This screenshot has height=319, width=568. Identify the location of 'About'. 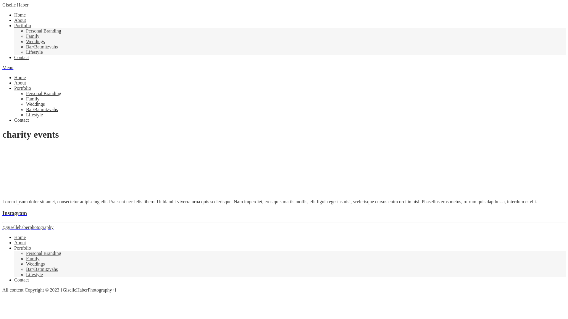
(20, 20).